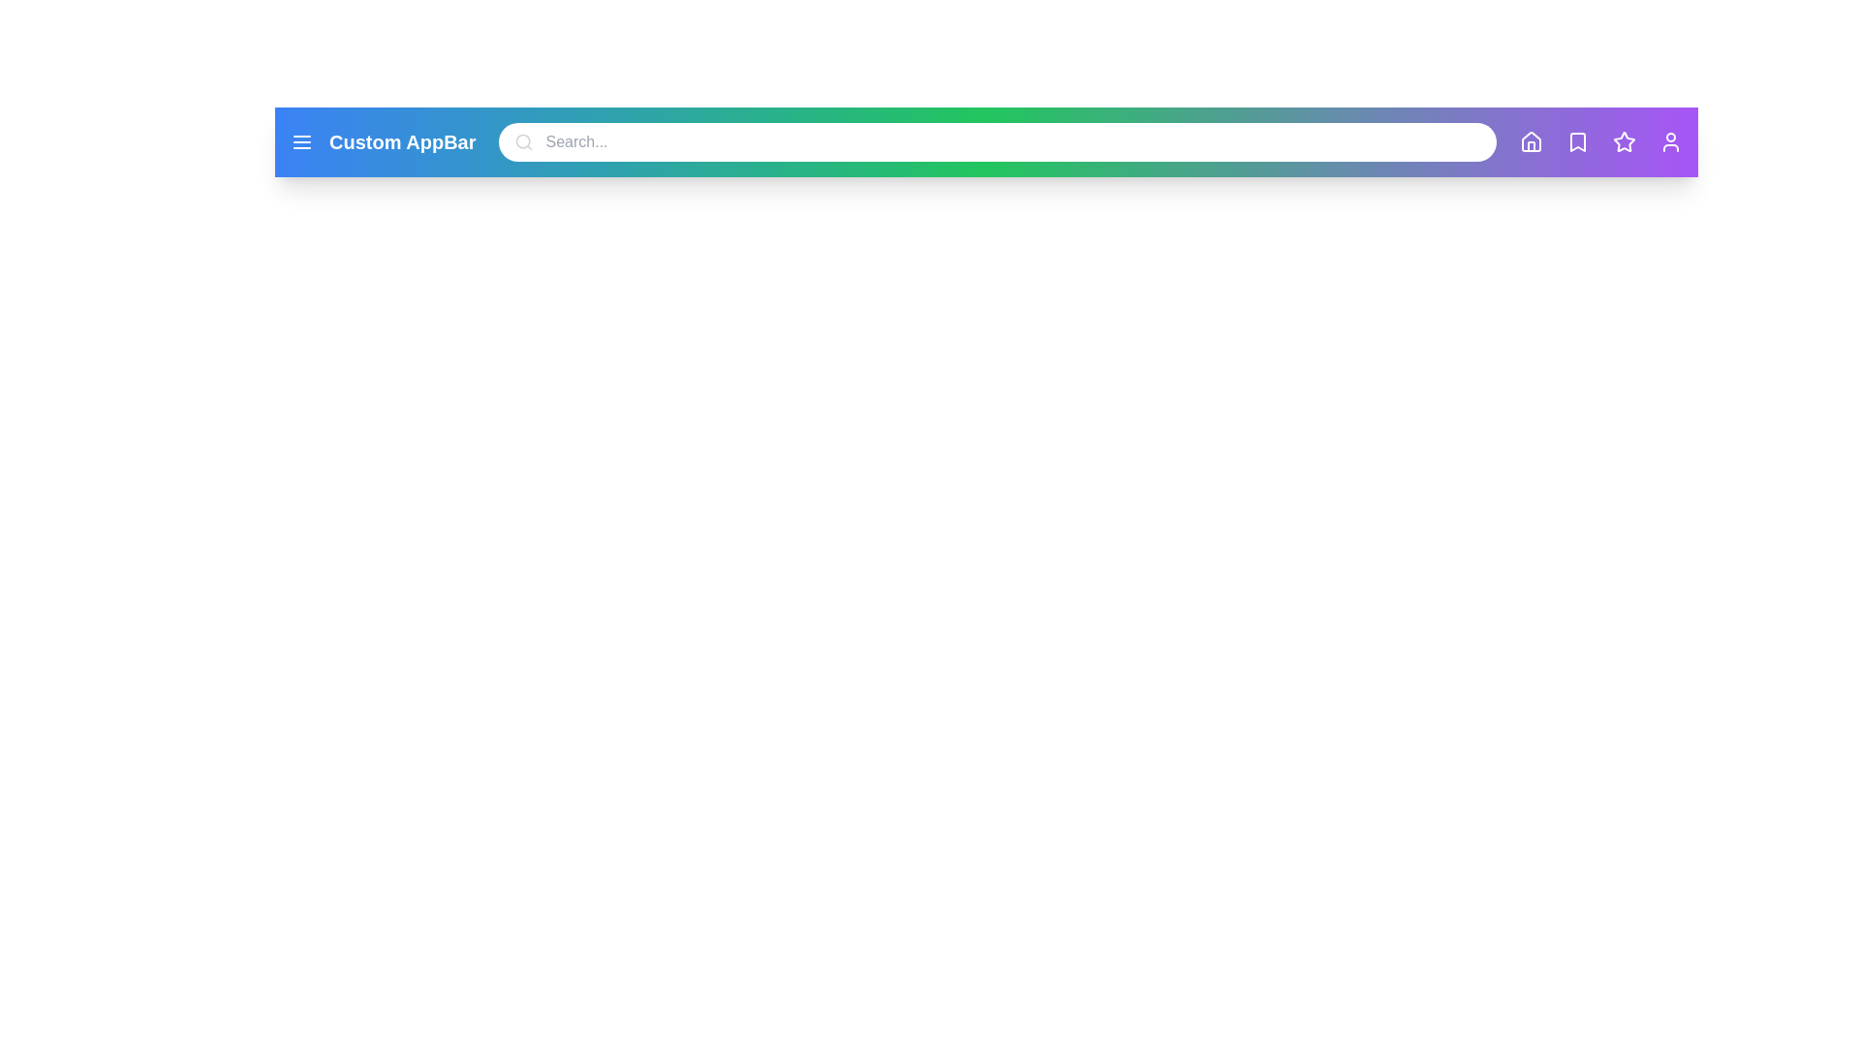 The width and height of the screenshot is (1860, 1046). Describe the element at coordinates (1669, 140) in the screenshot. I see `the 'User' icon to view the user profile or settings` at that location.